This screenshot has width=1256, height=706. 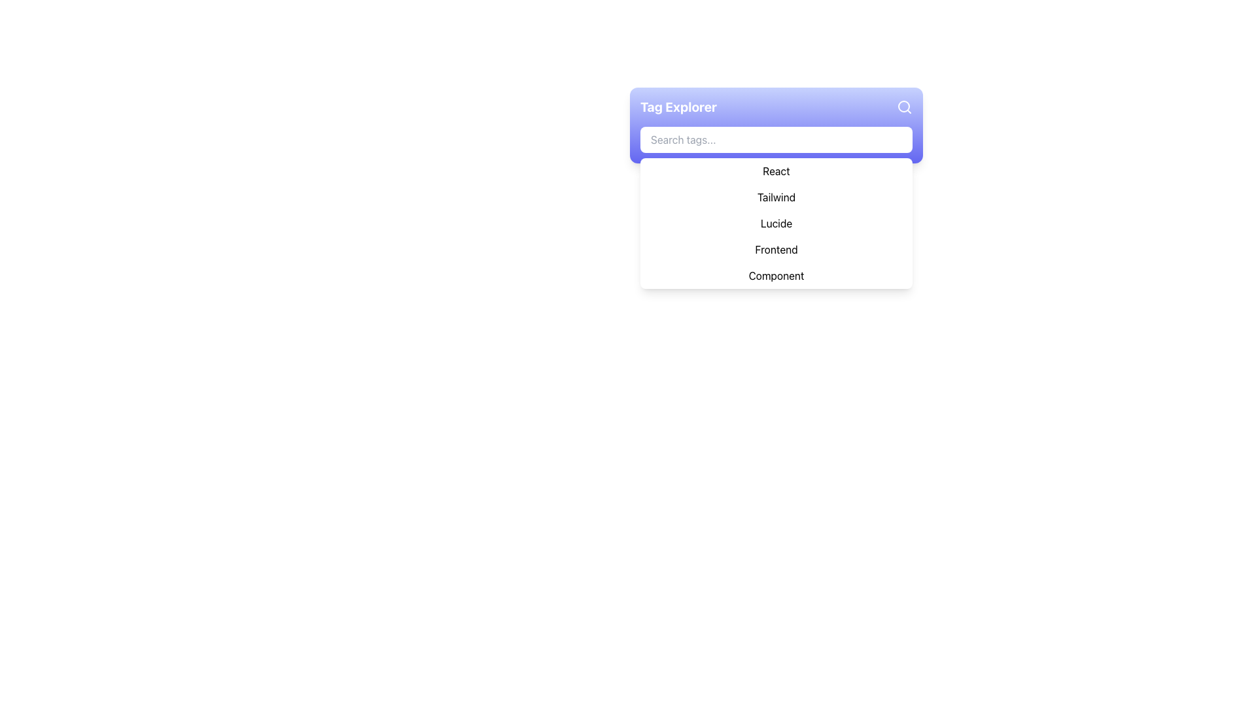 What do you see at coordinates (776, 275) in the screenshot?
I see `the fifth item in the dropdown menu labeled 'Component'` at bounding box center [776, 275].